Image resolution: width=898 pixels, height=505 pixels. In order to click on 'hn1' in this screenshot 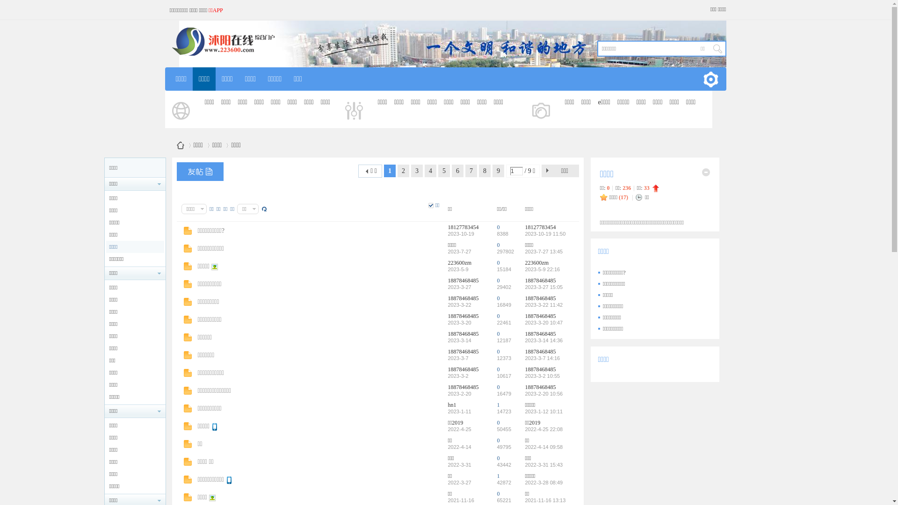, I will do `click(452, 404)`.